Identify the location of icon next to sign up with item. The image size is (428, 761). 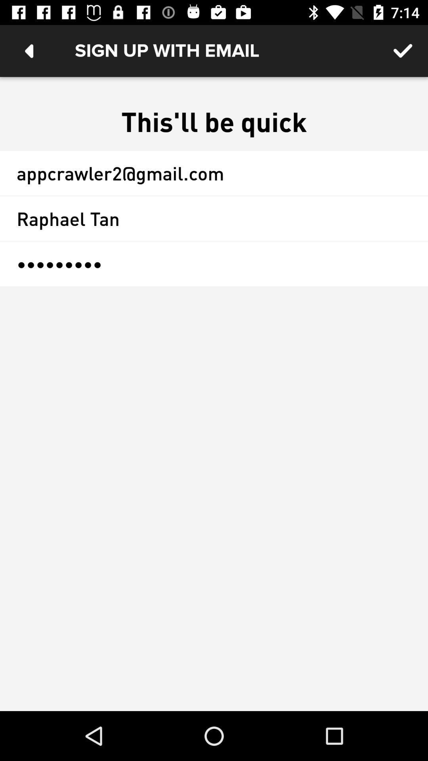
(29, 50).